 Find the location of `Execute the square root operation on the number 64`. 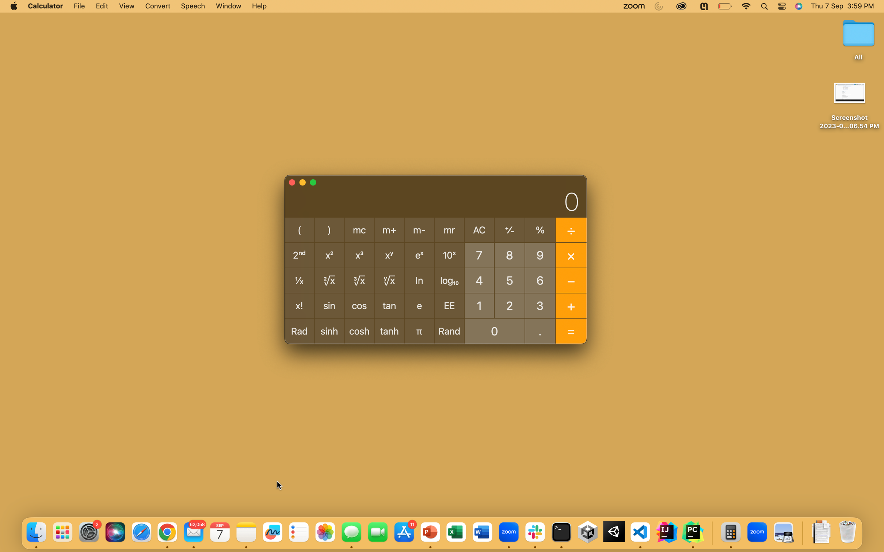

Execute the square root operation on the number 64 is located at coordinates (540, 280).